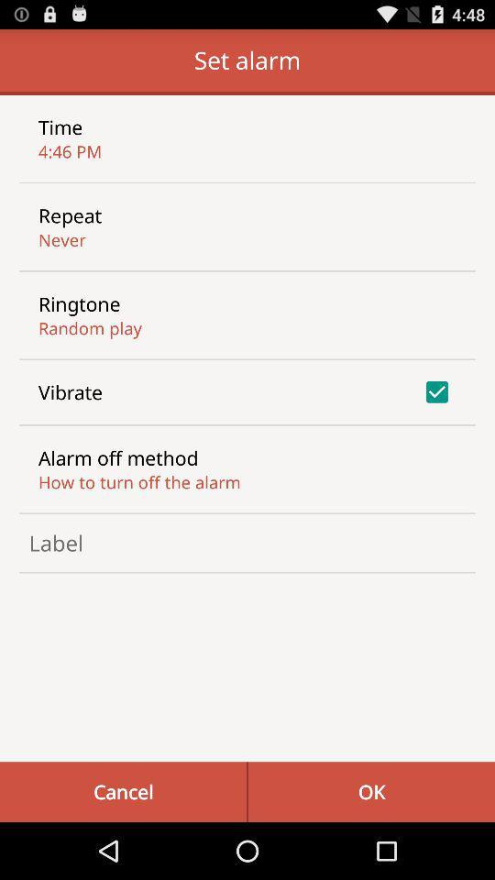 Image resolution: width=495 pixels, height=880 pixels. I want to click on the ringtone icon, so click(78, 303).